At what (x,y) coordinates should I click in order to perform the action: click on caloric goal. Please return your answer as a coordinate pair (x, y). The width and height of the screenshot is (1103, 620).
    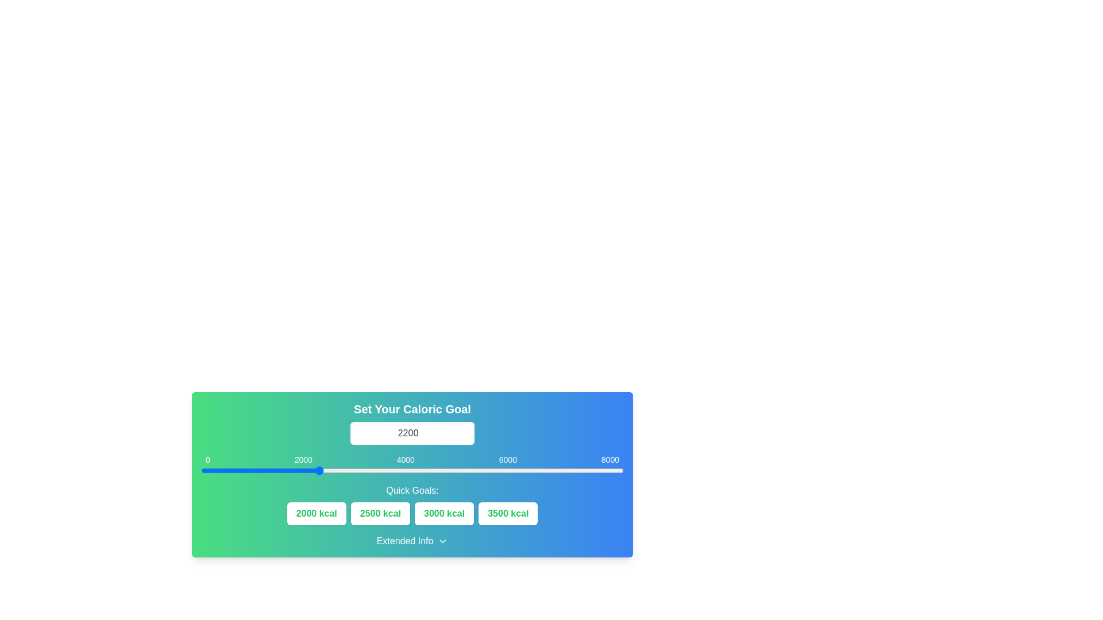
    Looking at the image, I should click on (345, 471).